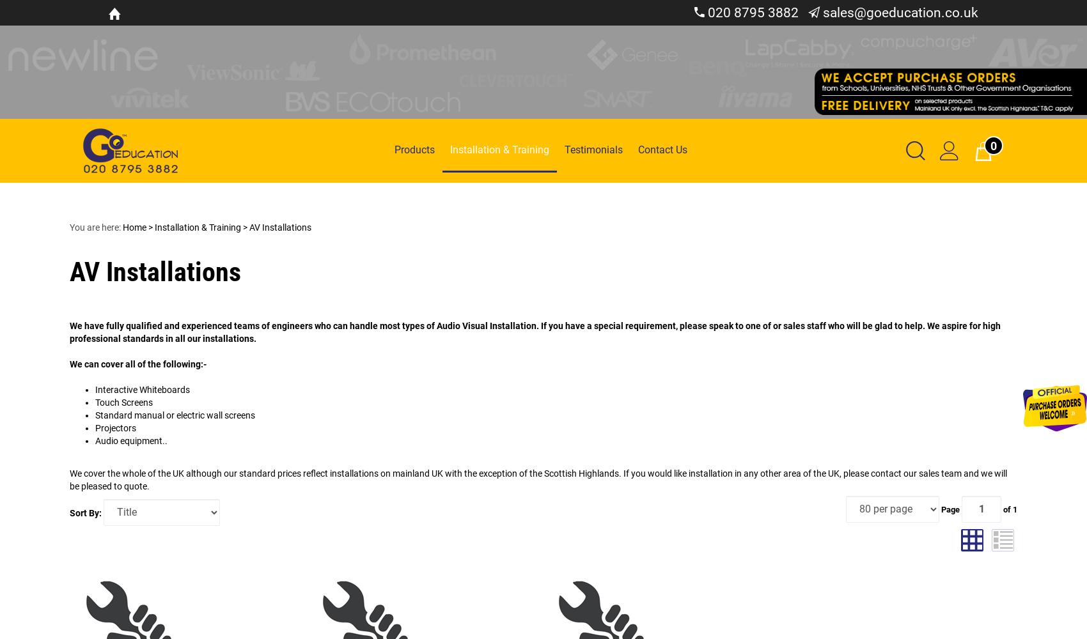 Image resolution: width=1087 pixels, height=639 pixels. What do you see at coordinates (535, 332) in the screenshot?
I see `'We have fully qualified and experienced teams of engineers who can handle most types of Audio Visual Installation. If you have a special requirement, please speak to one of or sales staff who will be glad to help. We aspire for high professional standards in all our installations.'` at bounding box center [535, 332].